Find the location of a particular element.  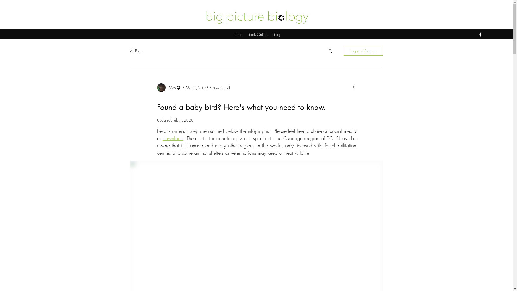

'Home' is located at coordinates (237, 34).